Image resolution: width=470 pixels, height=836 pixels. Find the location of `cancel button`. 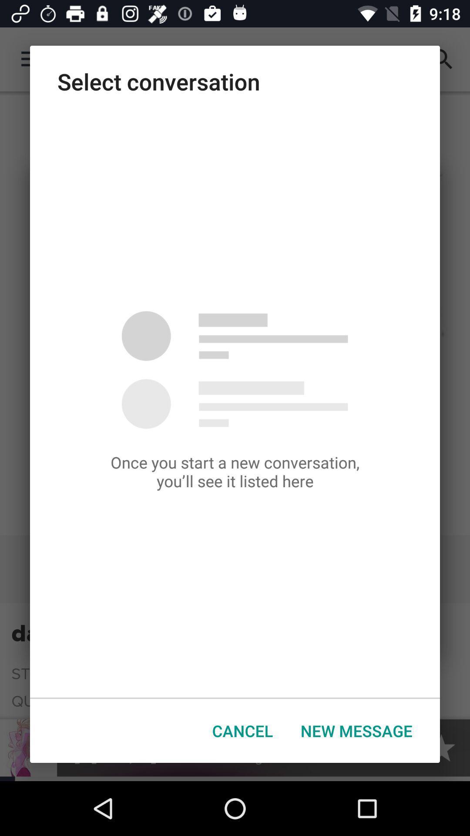

cancel button is located at coordinates (242, 731).